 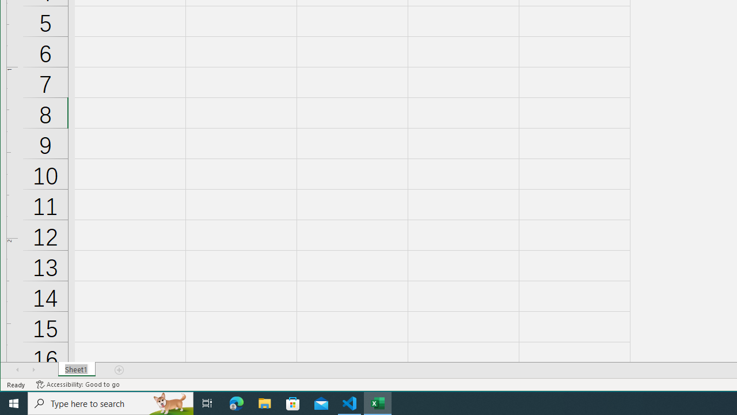 I want to click on 'Sheet Tab', so click(x=76, y=369).